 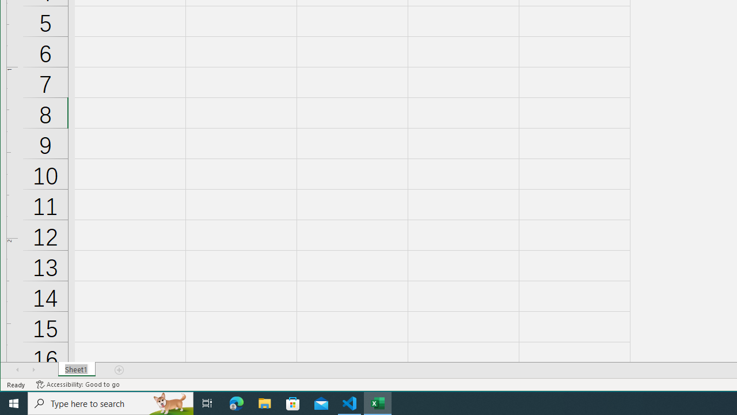 I want to click on 'Sheet Tab', so click(x=76, y=369).